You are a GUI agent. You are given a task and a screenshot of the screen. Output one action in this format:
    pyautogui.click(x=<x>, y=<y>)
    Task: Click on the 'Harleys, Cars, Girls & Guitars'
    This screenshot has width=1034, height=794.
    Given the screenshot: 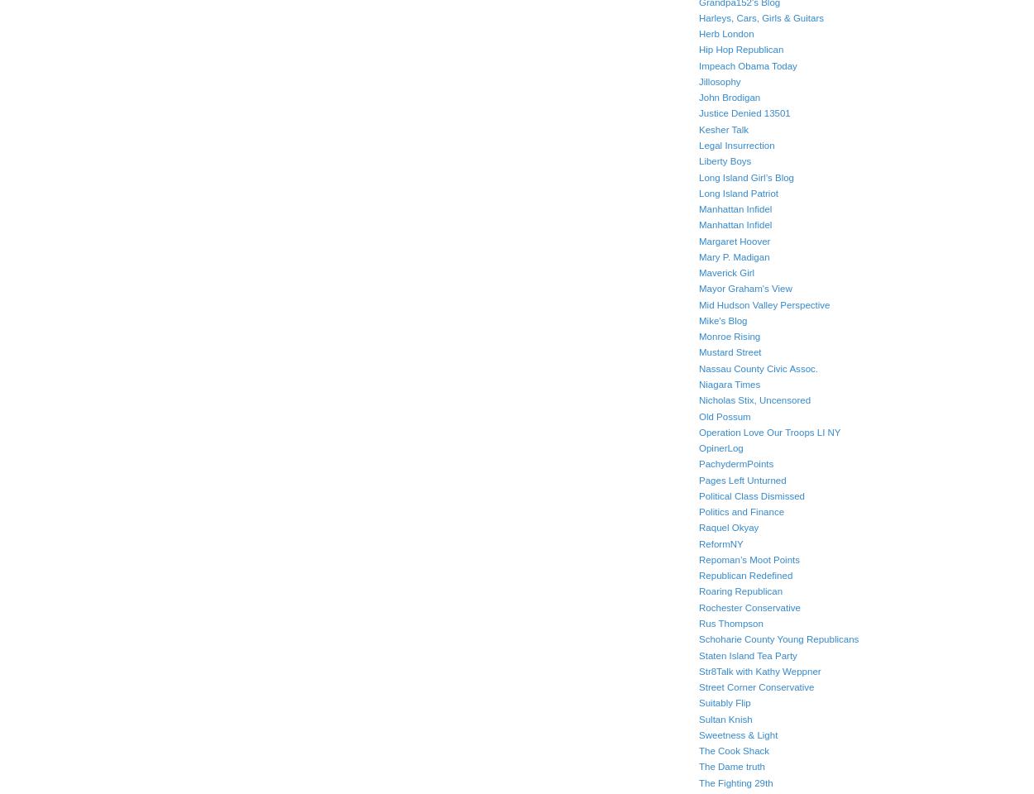 What is the action you would take?
    pyautogui.click(x=761, y=17)
    